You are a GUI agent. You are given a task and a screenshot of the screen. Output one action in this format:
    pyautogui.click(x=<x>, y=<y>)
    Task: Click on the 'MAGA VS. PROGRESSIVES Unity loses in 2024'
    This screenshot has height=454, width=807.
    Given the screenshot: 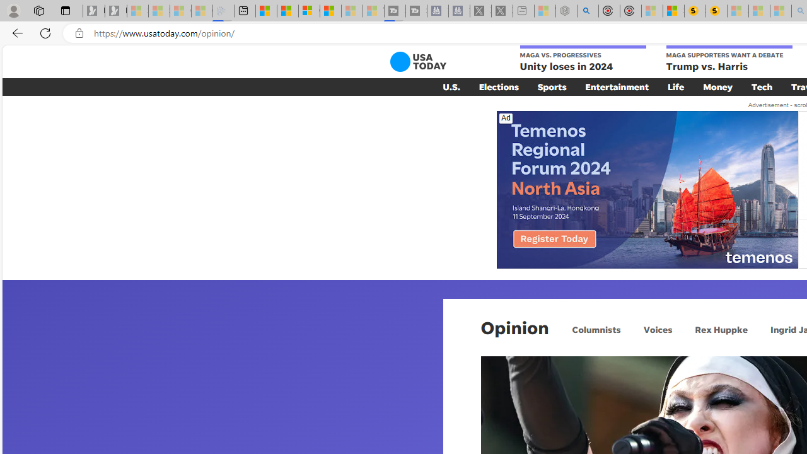 What is the action you would take?
    pyautogui.click(x=582, y=59)
    